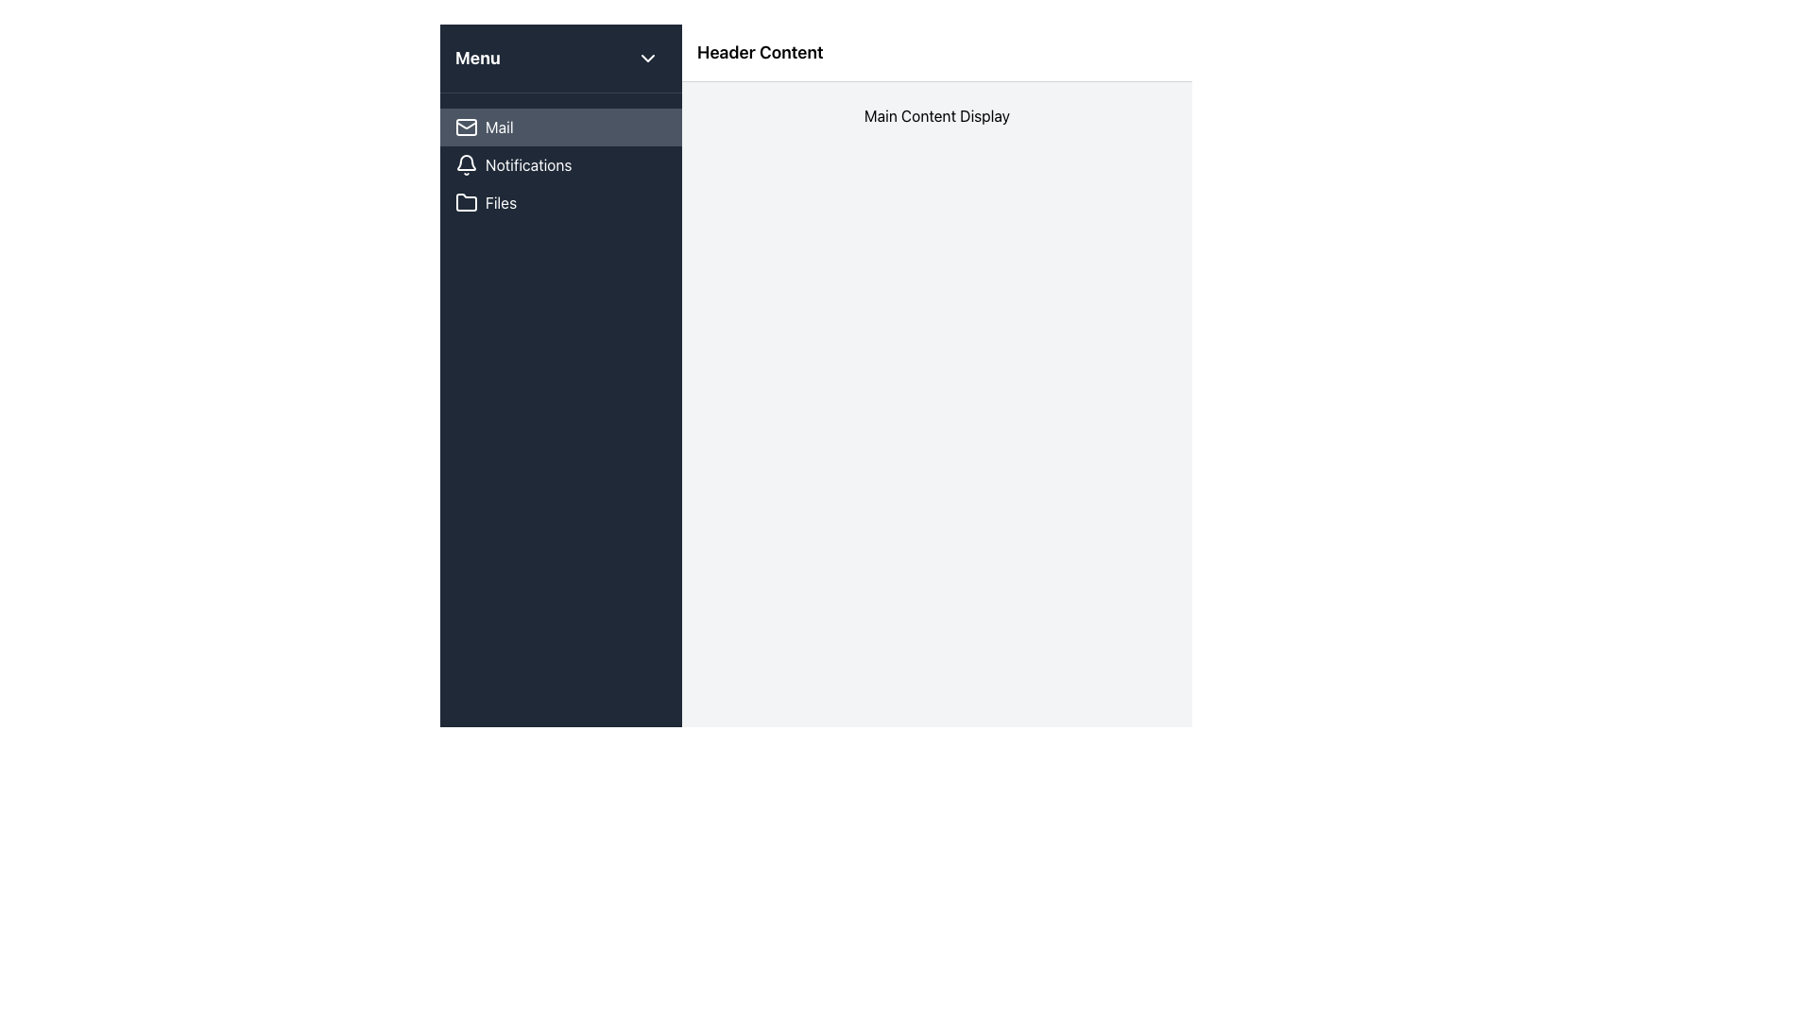 Image resolution: width=1814 pixels, height=1020 pixels. I want to click on the 'Mail' icon in the left sidebar menu, which visually represents email functionality and is located to the left of the 'Mail' text label, so click(467, 127).